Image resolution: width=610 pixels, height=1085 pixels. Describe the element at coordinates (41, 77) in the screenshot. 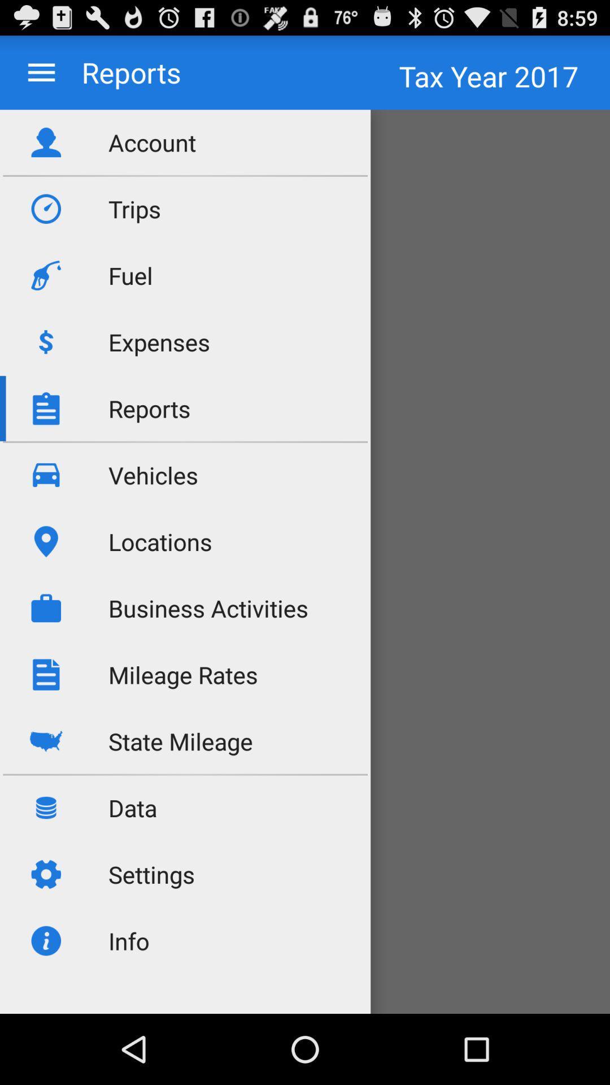

I see `the menu icon` at that location.